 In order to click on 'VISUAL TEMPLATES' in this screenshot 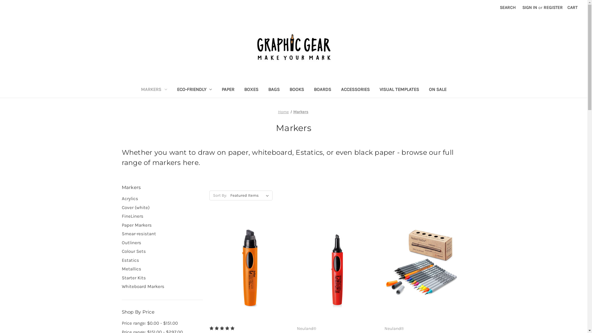, I will do `click(399, 90)`.